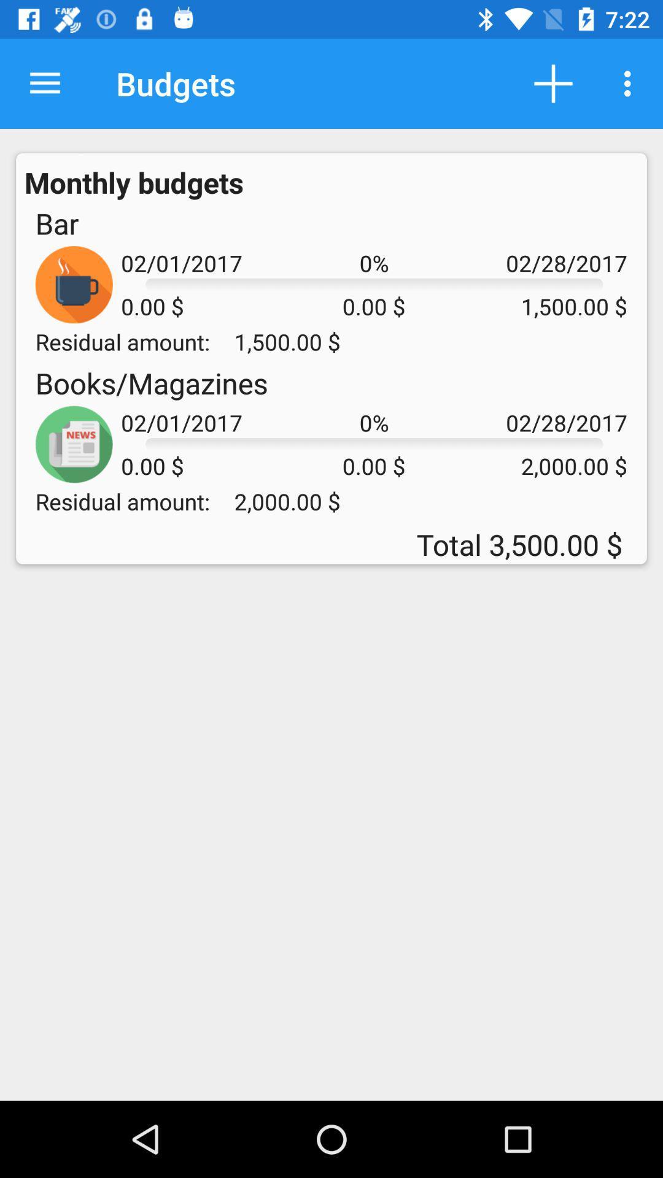 Image resolution: width=663 pixels, height=1178 pixels. What do you see at coordinates (134, 182) in the screenshot?
I see `the monthly budgets` at bounding box center [134, 182].